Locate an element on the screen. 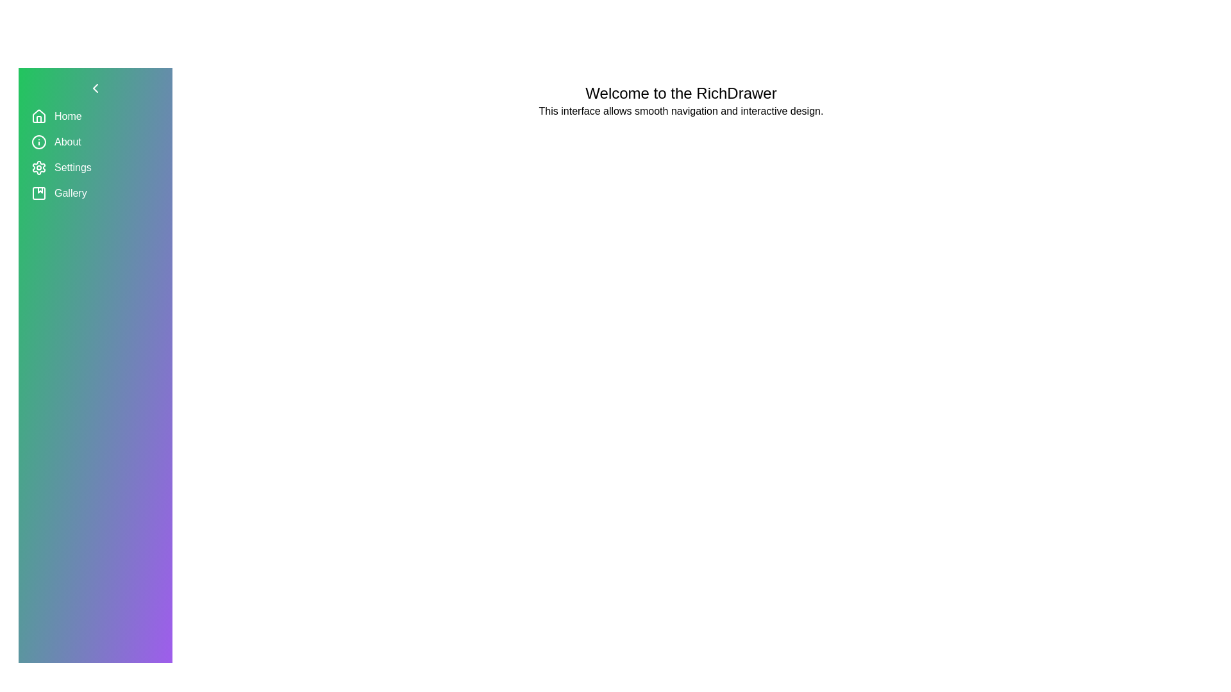 This screenshot has width=1231, height=692. the menu option Home from the sidebar is located at coordinates (94, 116).